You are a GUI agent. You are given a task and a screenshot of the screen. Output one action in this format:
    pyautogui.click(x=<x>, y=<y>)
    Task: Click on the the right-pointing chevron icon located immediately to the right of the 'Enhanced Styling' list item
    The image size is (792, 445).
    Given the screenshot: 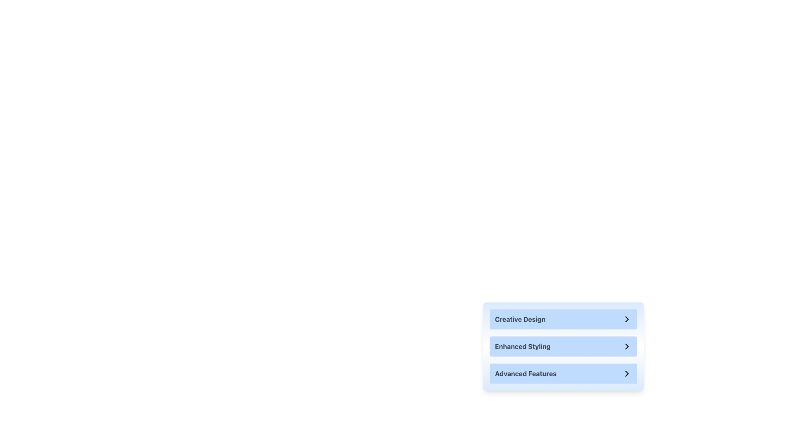 What is the action you would take?
    pyautogui.click(x=627, y=346)
    